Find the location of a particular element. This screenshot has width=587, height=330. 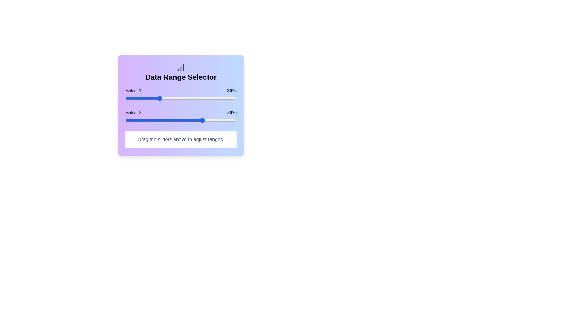

the slider for Value 1 to set its percentage to 33 is located at coordinates (162, 98).